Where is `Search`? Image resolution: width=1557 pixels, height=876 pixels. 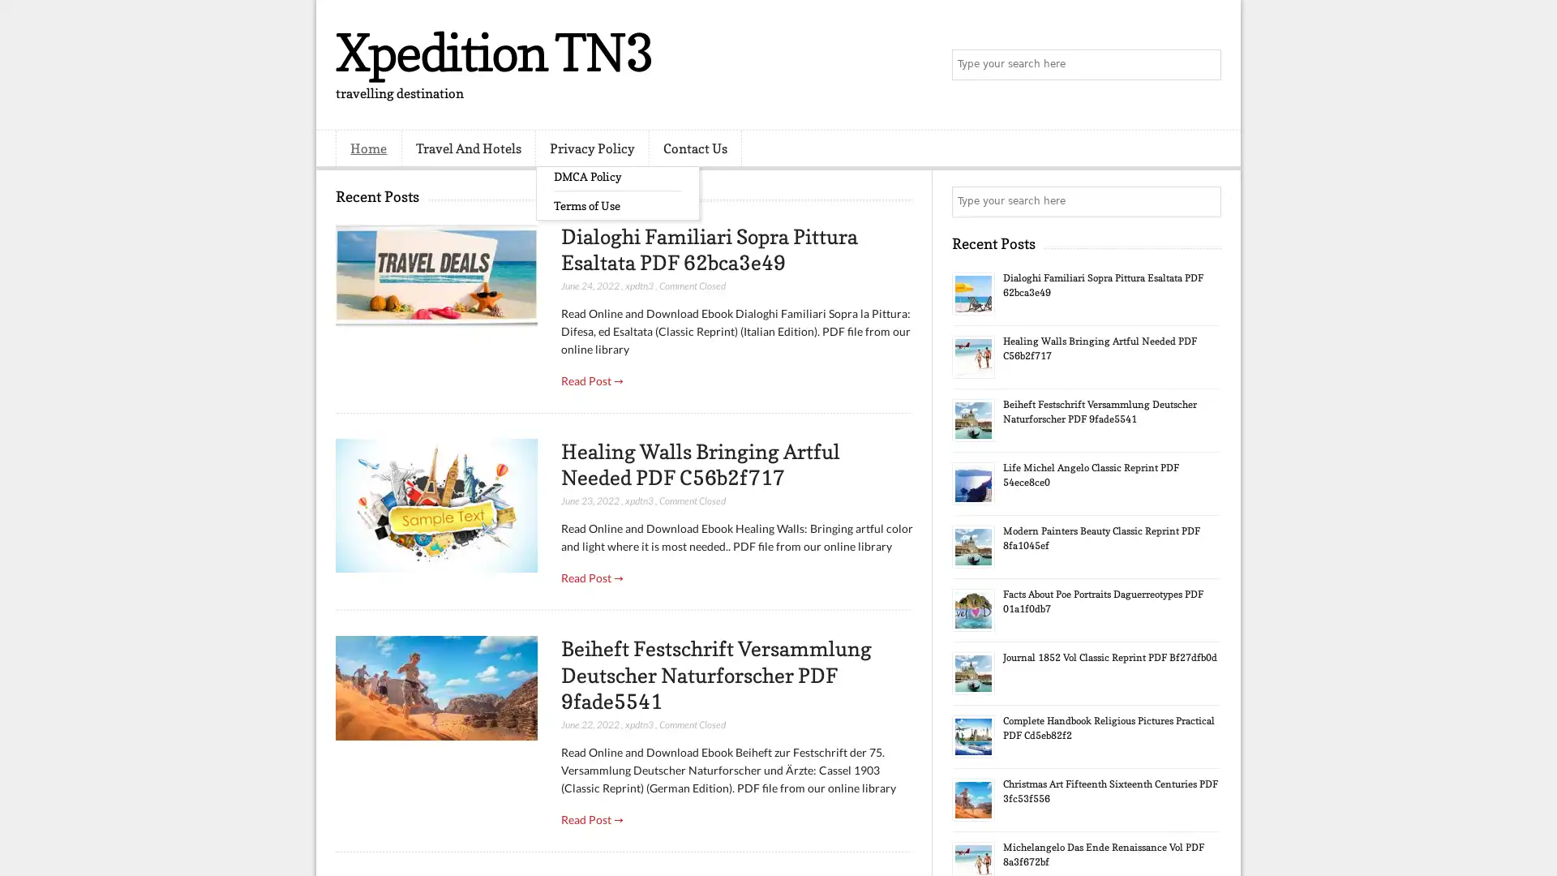 Search is located at coordinates (1204, 65).